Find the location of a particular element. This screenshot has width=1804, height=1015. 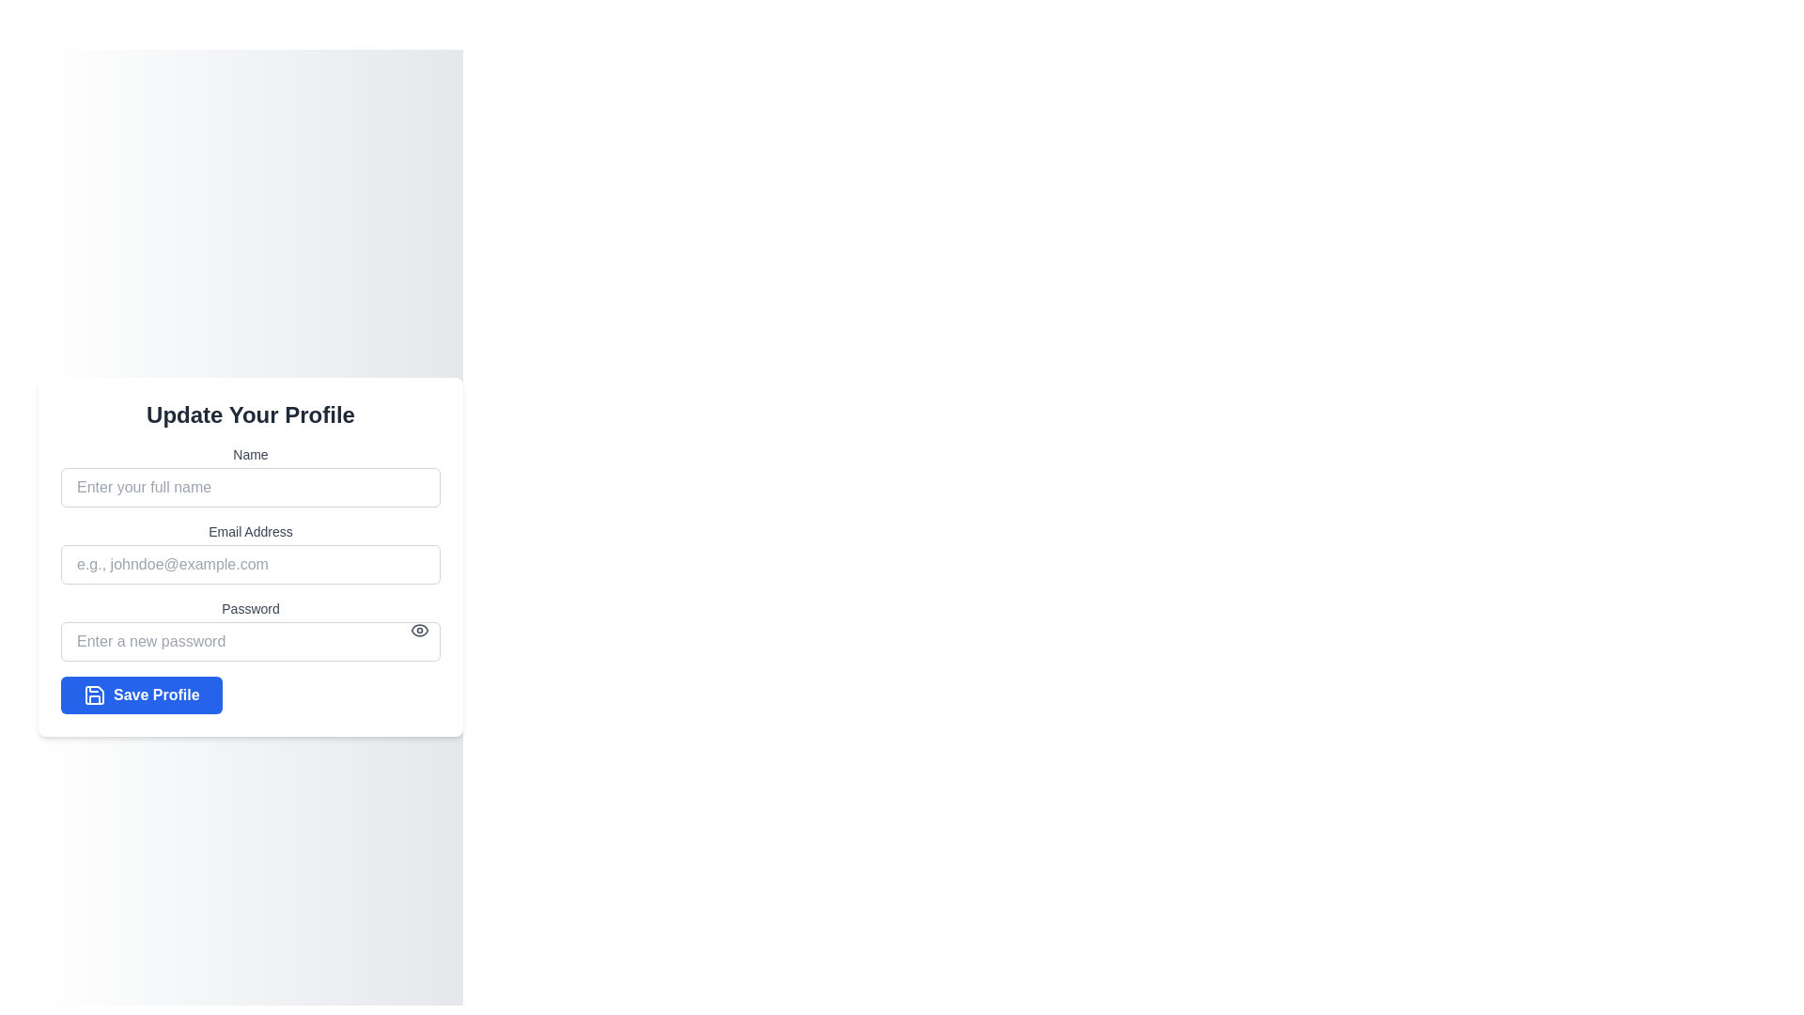

the form section containing the input fields 'Name', 'Email Address', 'Password', and the blue button labeled 'Save Profile' is located at coordinates (250, 579).